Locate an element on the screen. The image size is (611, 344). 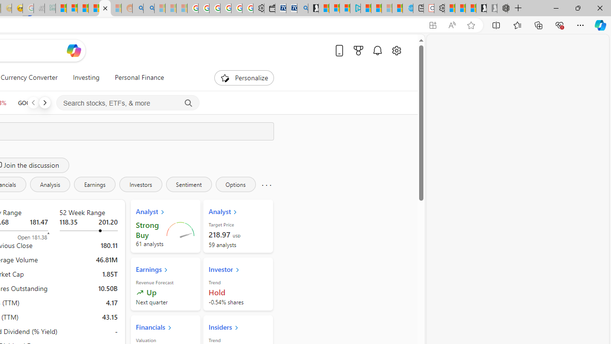
'Previous' is located at coordinates (33, 102).